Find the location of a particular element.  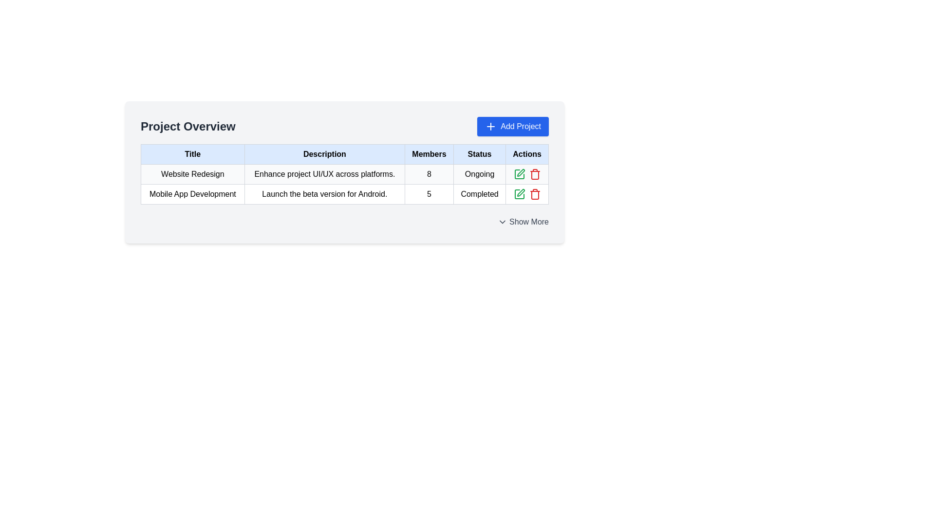

the static text cell displaying the number '5' located in the 'Members' column of the second row in the table layout is located at coordinates (429, 194).